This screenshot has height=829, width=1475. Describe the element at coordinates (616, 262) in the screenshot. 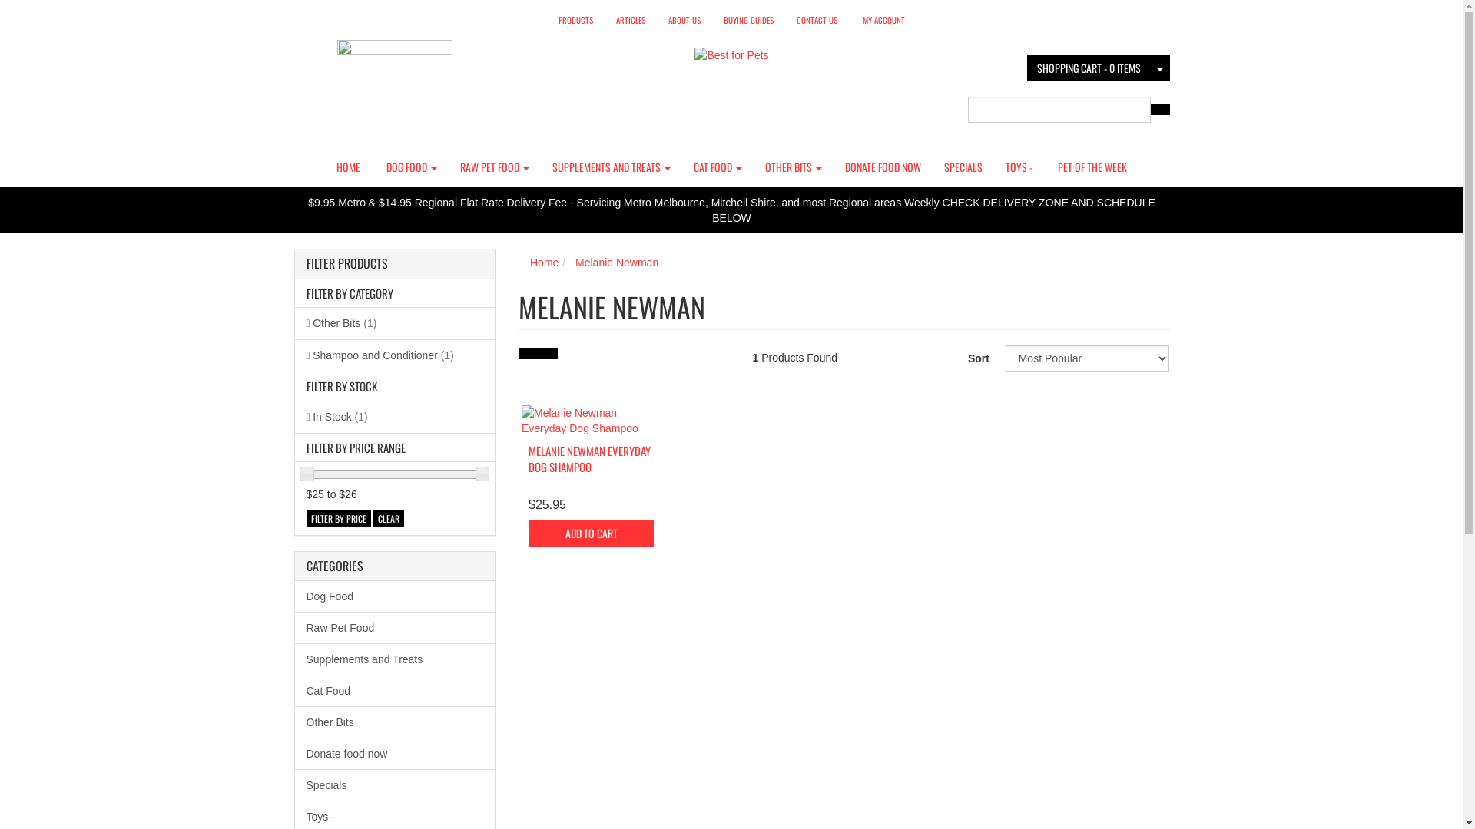

I see `'Melanie Newman'` at that location.